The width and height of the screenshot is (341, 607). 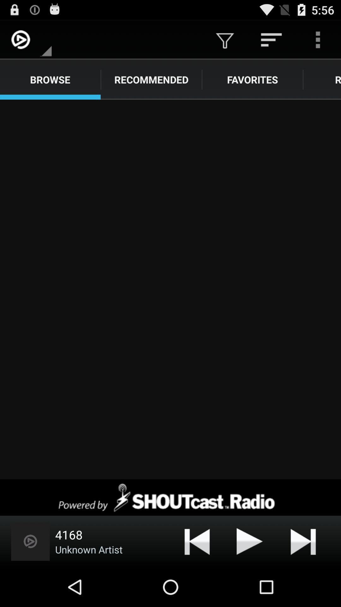 I want to click on icon above the favorites icon, so click(x=224, y=39).